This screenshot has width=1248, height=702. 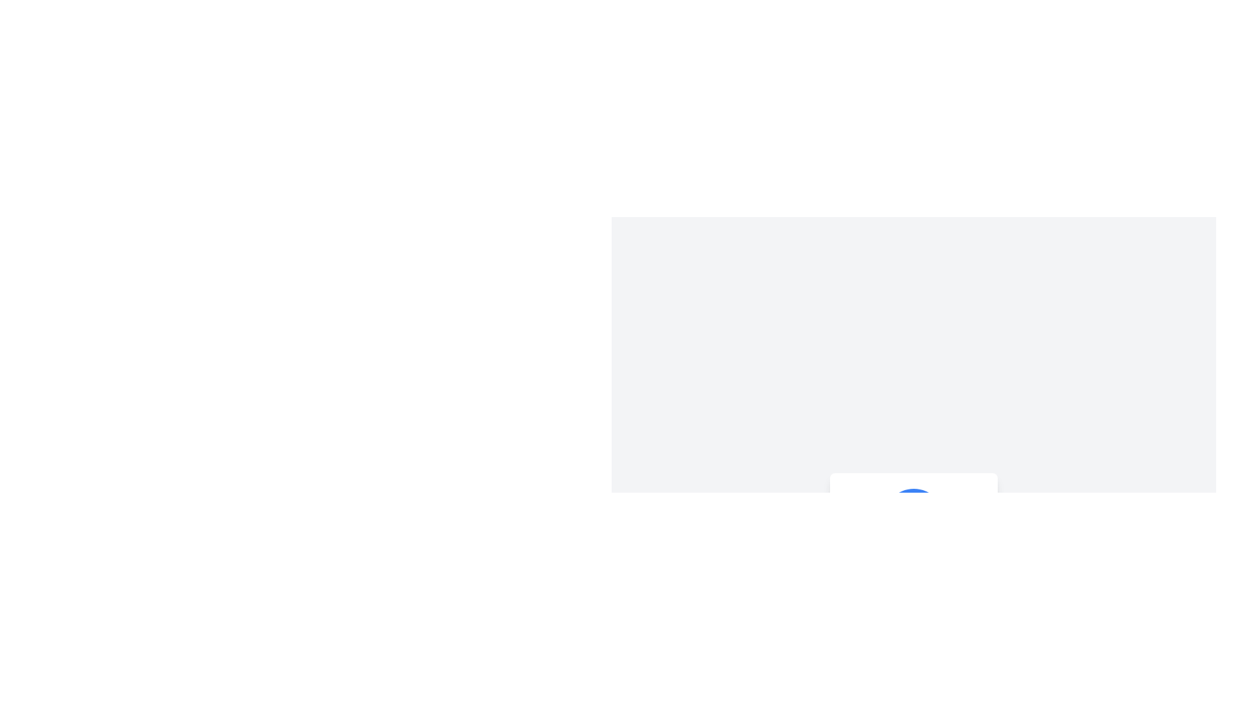 I want to click on the button below the name 'Alice' and above the description 'Enhanced Profile Component' to initiate the member change process, so click(x=913, y=603).